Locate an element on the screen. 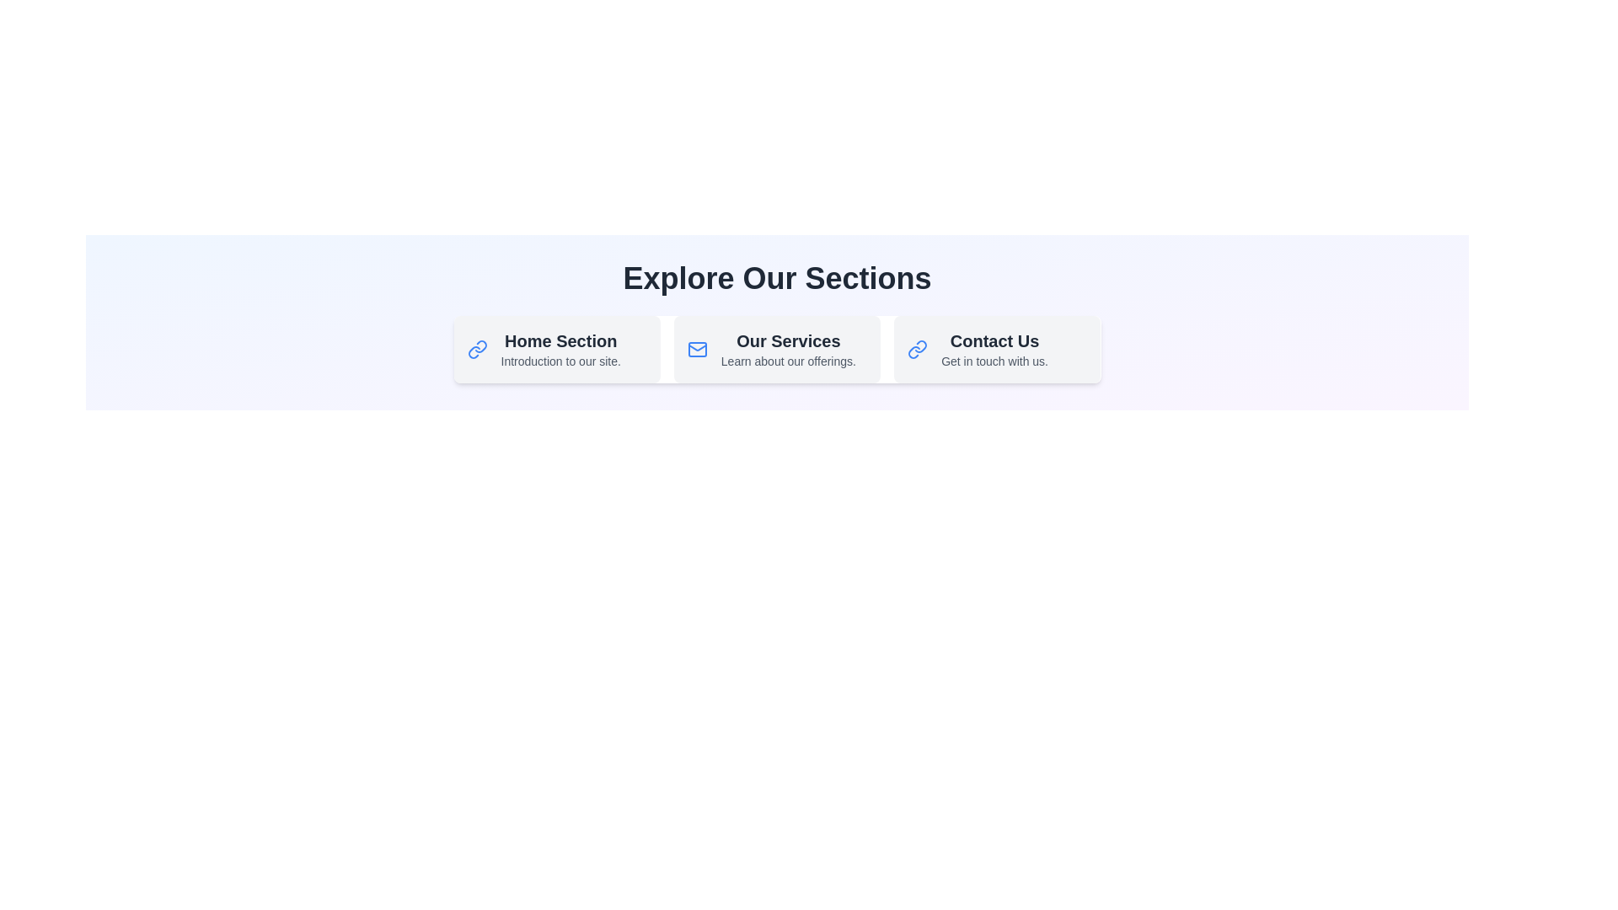  the 'Our Services' text in the center of the UI section is located at coordinates (787, 349).